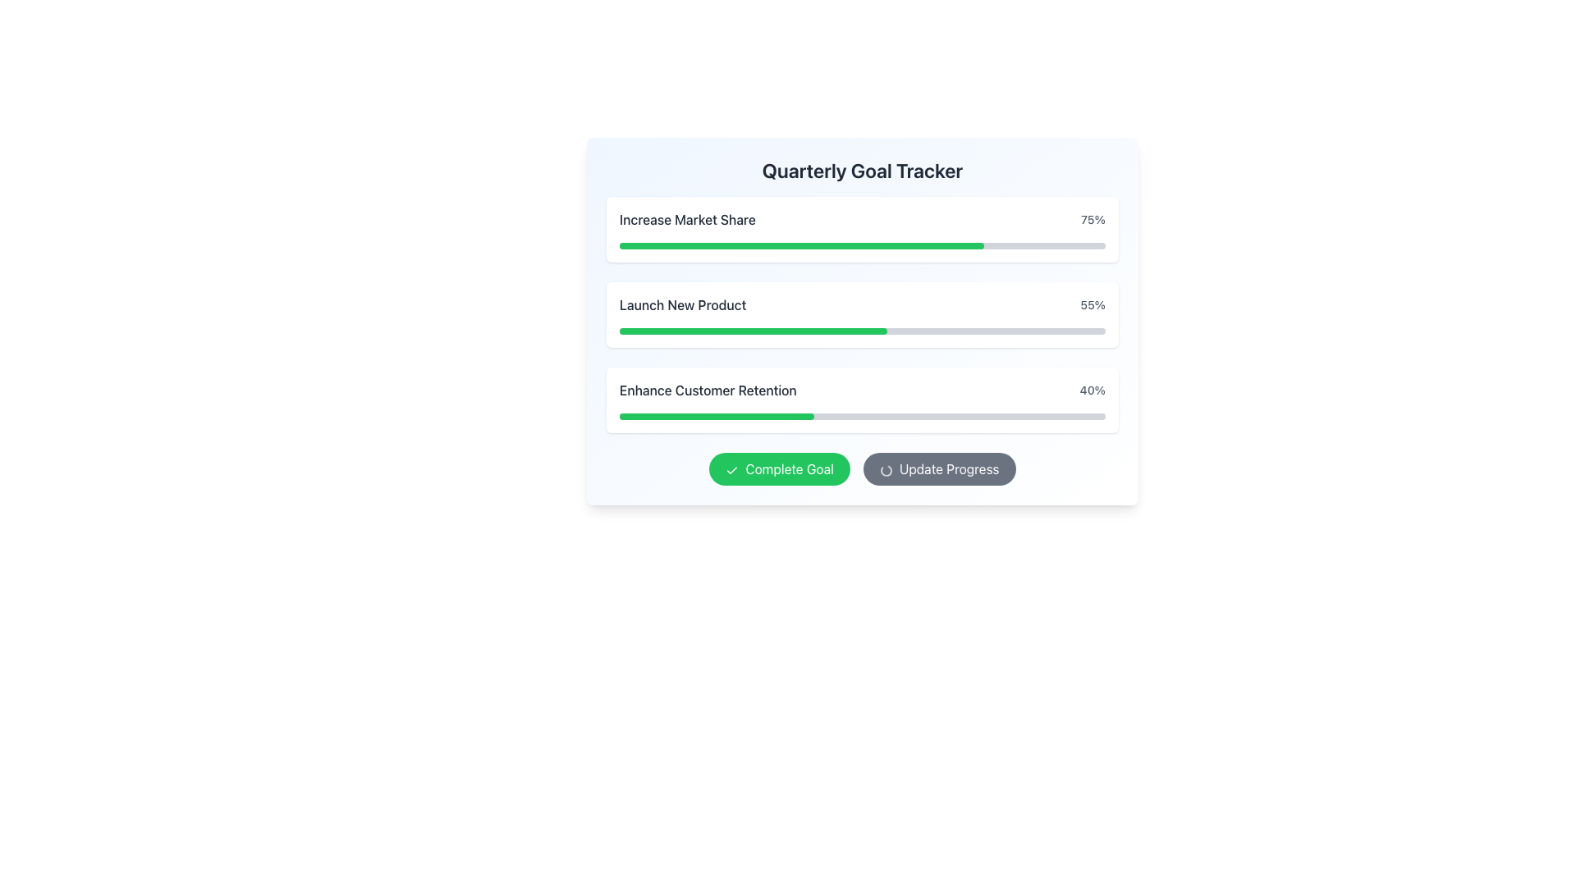 This screenshot has width=1576, height=886. What do you see at coordinates (1093, 304) in the screenshot?
I see `the static text label indicating the progress percentage for the 'Launch New Product' task, located to the right of the progress bar within the progress card` at bounding box center [1093, 304].